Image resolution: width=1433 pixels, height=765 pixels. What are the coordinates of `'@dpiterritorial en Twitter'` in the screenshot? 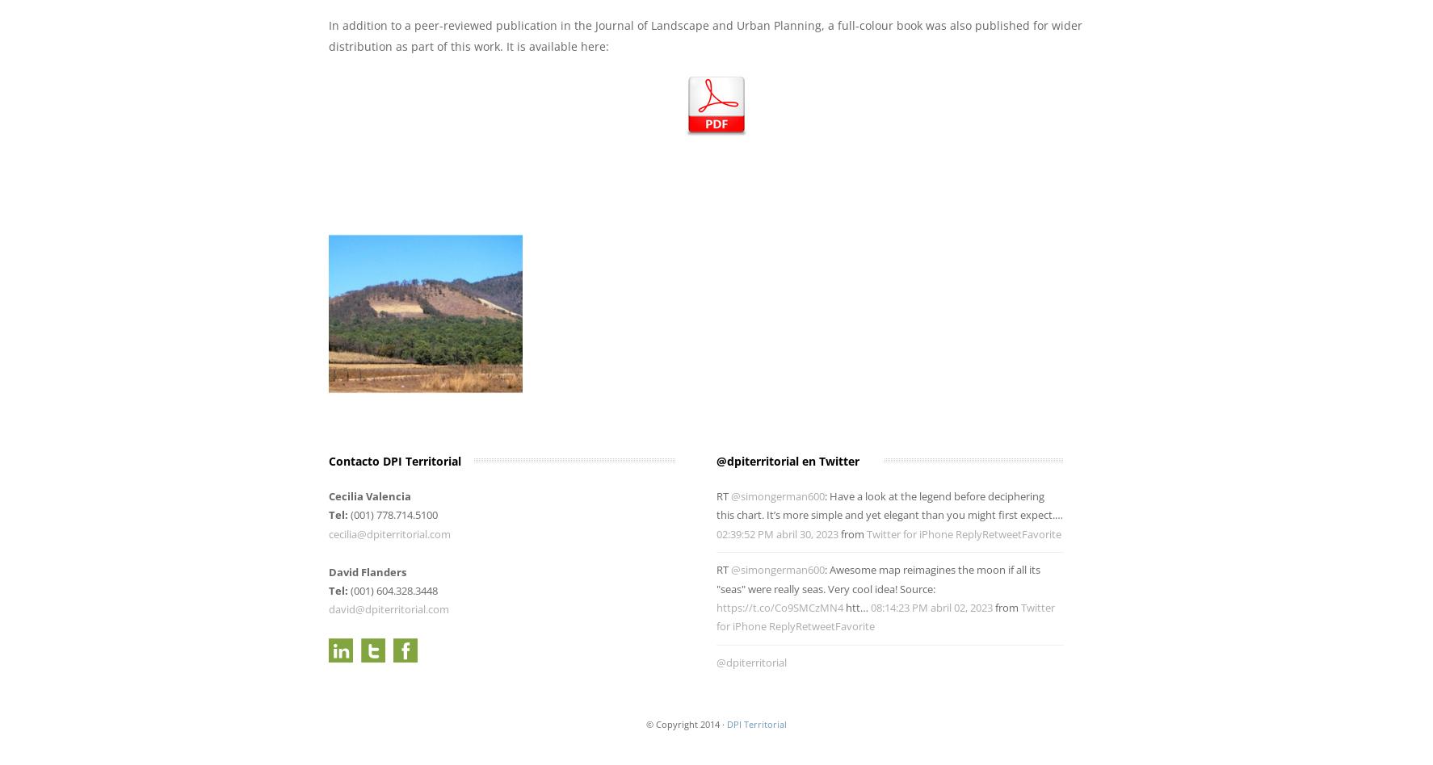 It's located at (787, 460).